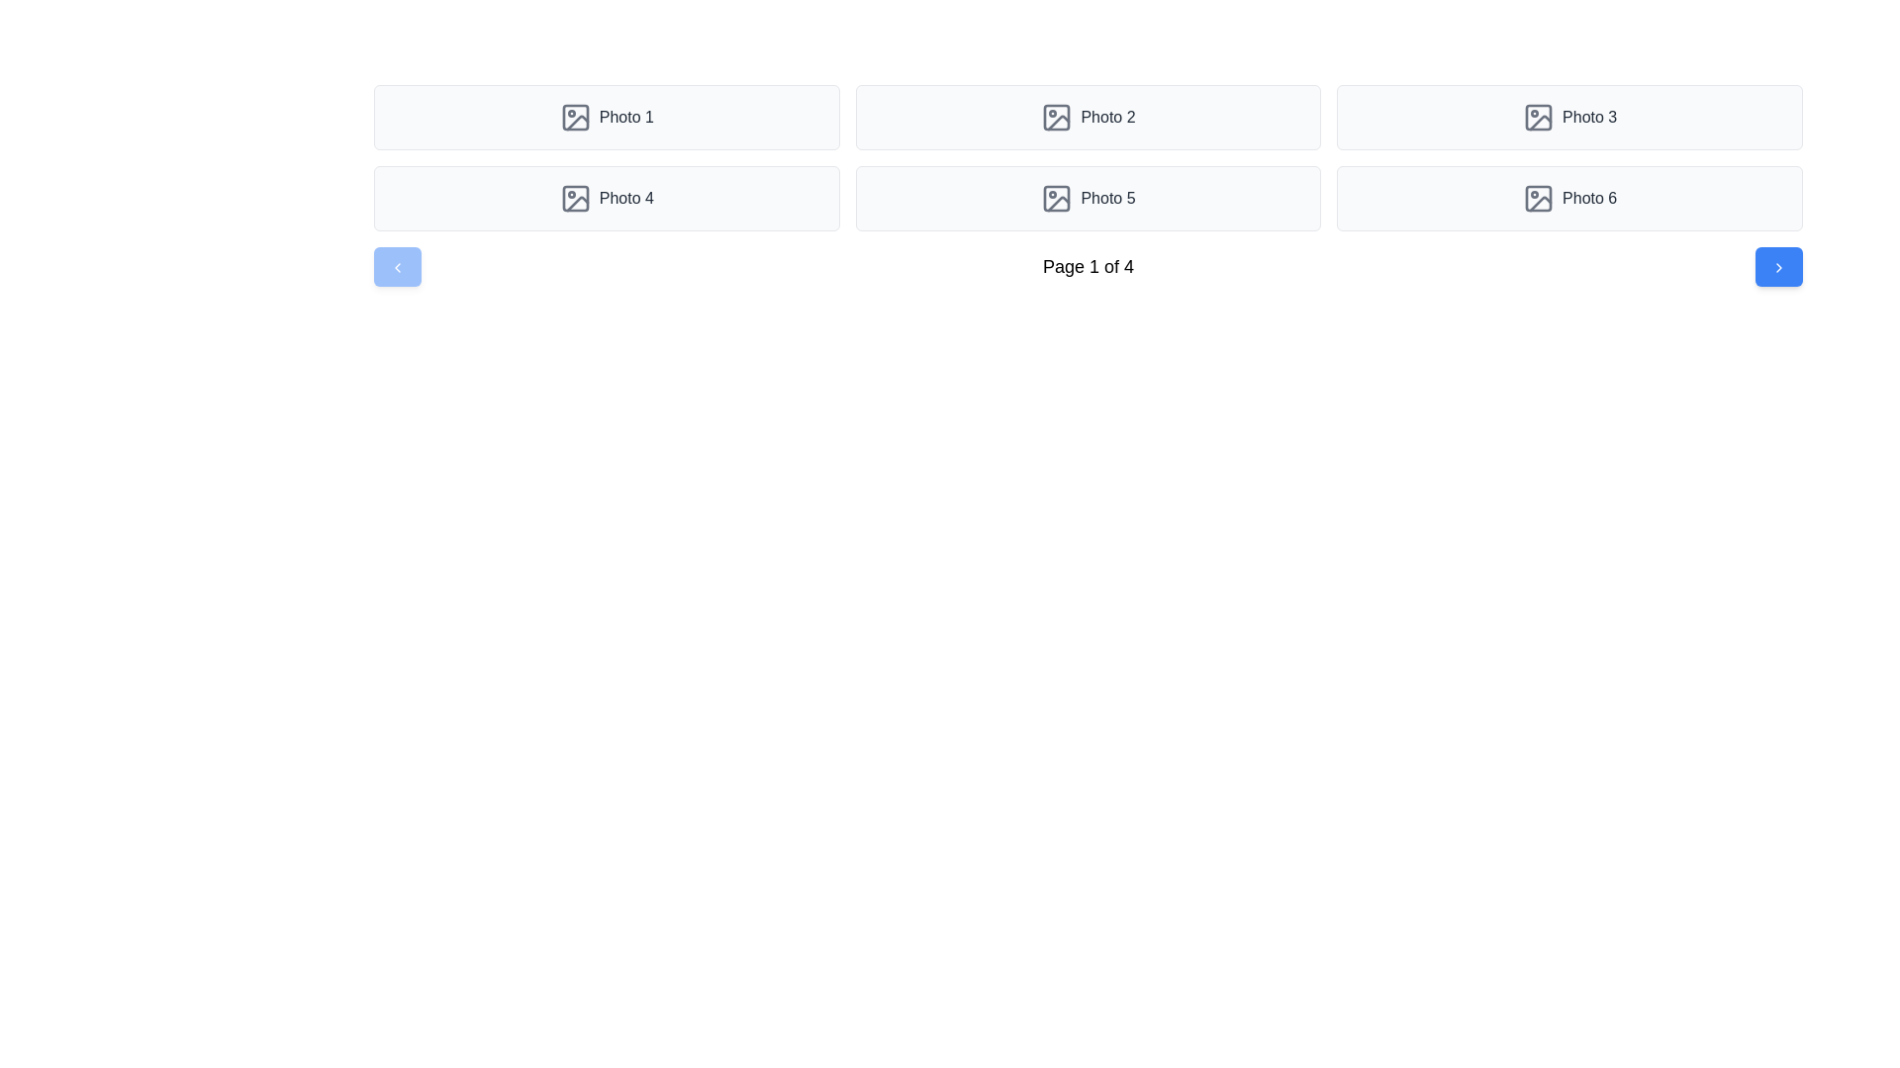  What do you see at coordinates (1087, 267) in the screenshot?
I see `static text element that displays 'Page 1 of 4' located centrally within the pagination control at the bottom of the photo grid` at bounding box center [1087, 267].